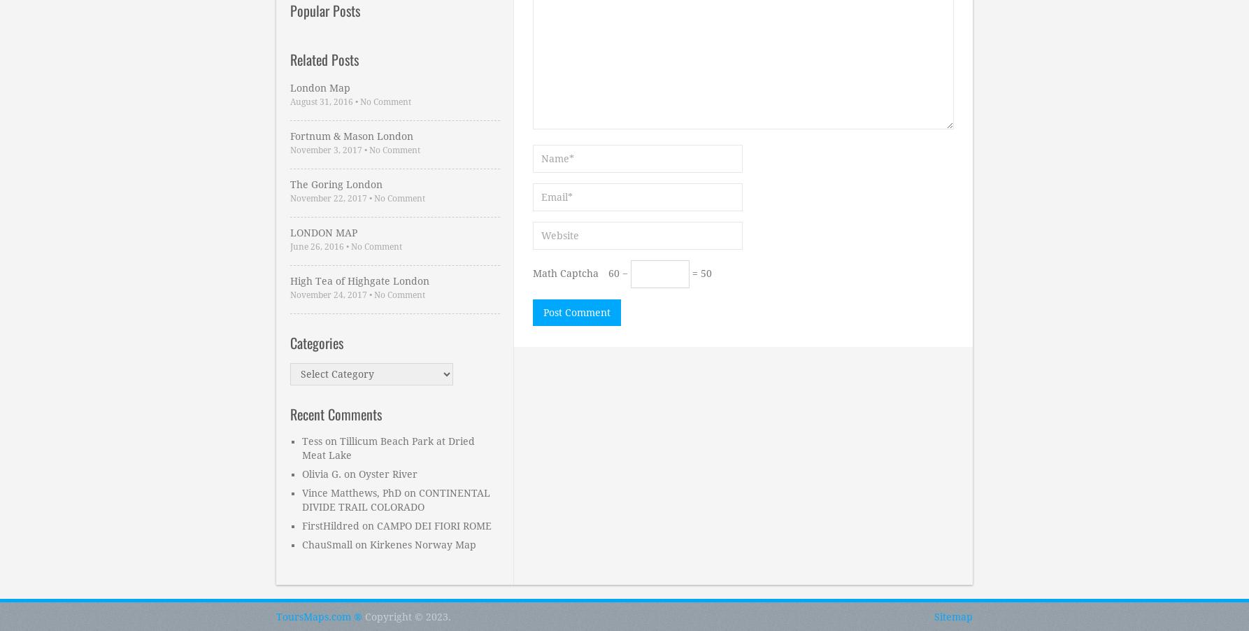 The image size is (1249, 631). I want to click on '60 −', so click(618, 273).